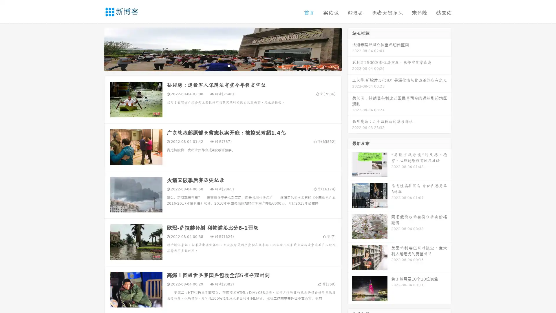 The image size is (556, 313). I want to click on Next slide, so click(350, 49).